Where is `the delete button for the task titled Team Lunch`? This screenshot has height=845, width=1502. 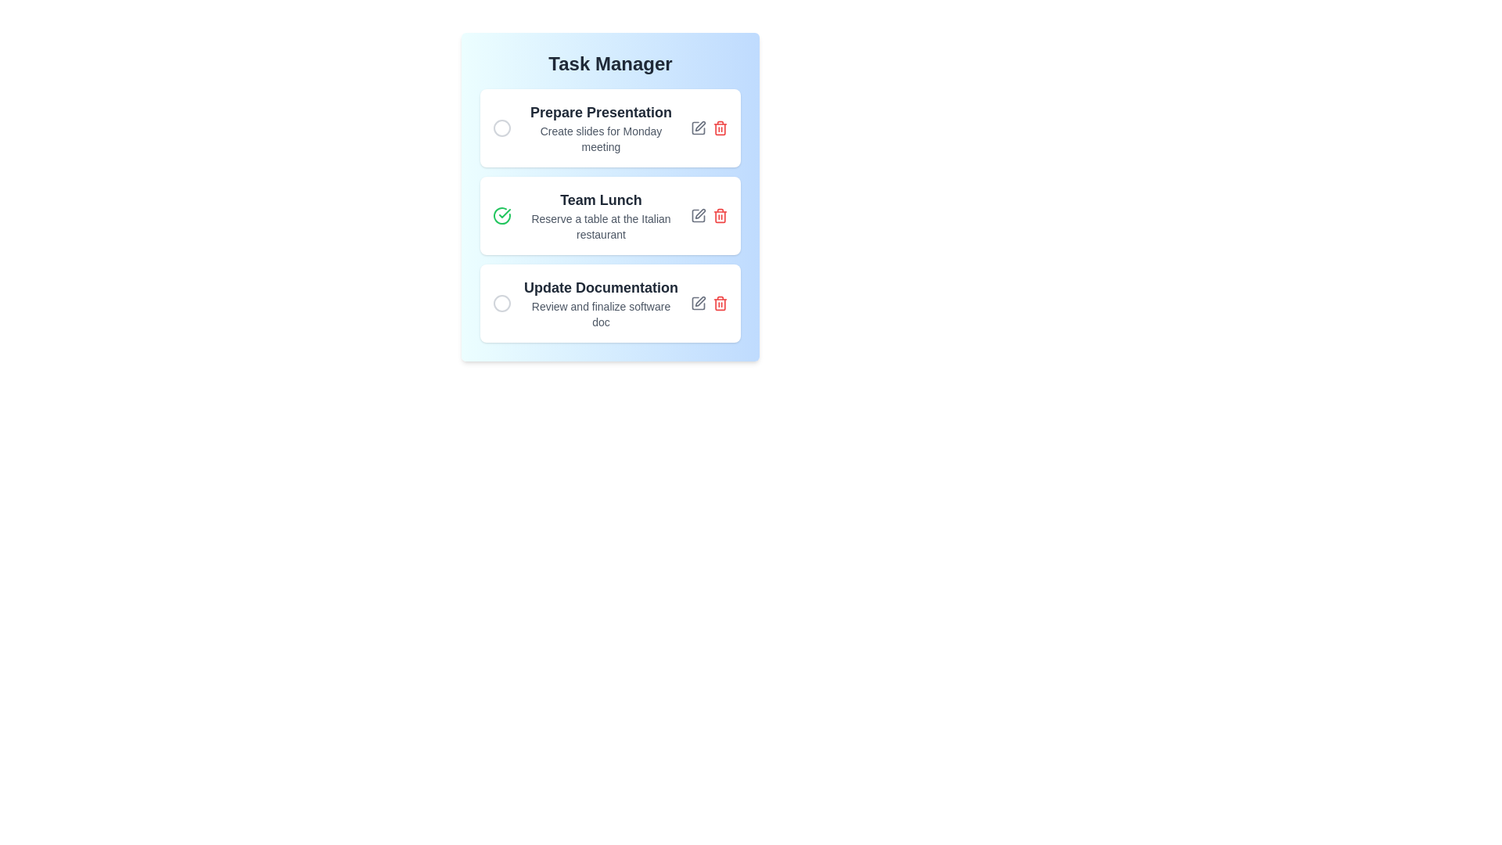
the delete button for the task titled Team Lunch is located at coordinates (720, 216).